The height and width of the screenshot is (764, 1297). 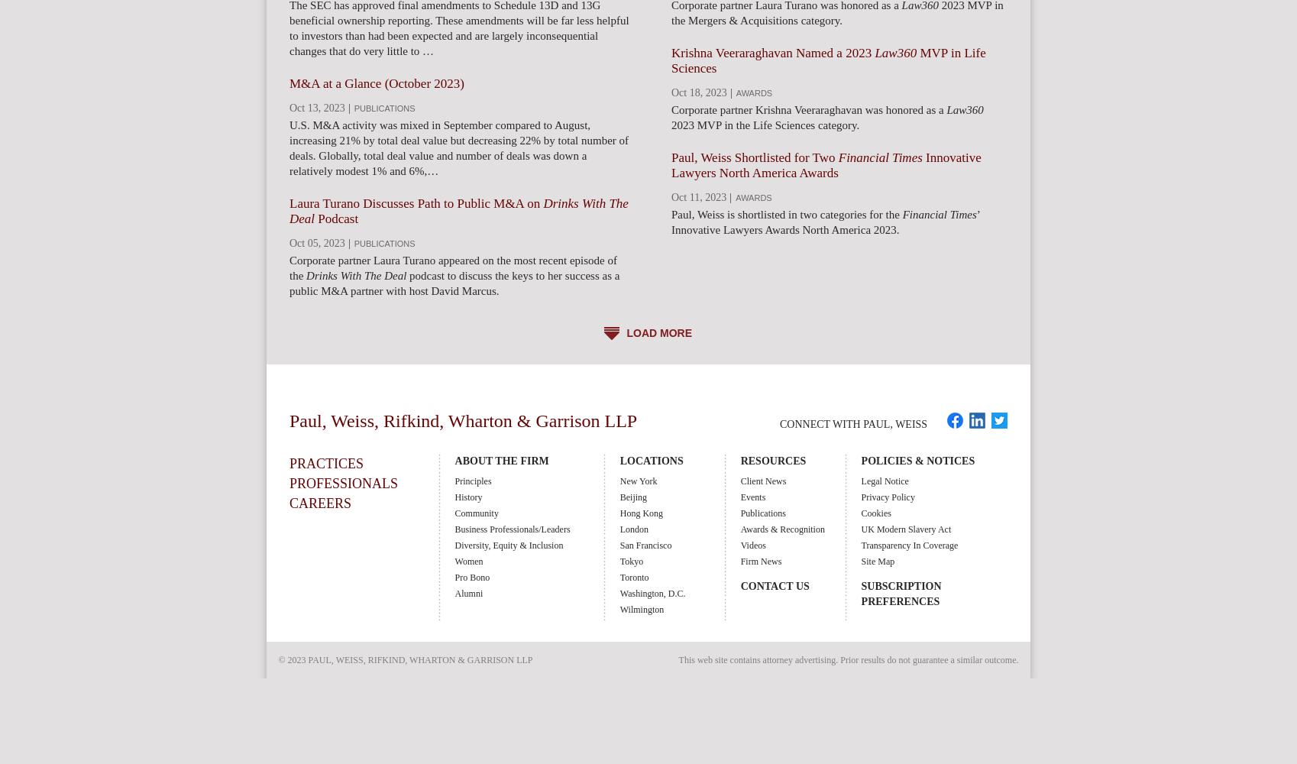 What do you see at coordinates (475, 513) in the screenshot?
I see `'Community'` at bounding box center [475, 513].